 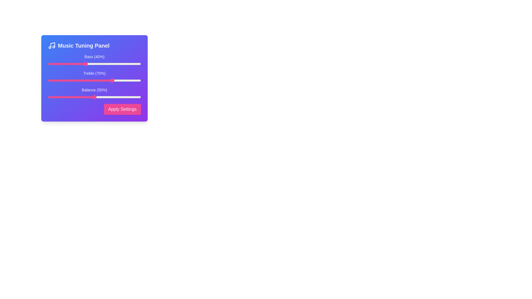 I want to click on the balance slider to 59%, so click(x=103, y=97).